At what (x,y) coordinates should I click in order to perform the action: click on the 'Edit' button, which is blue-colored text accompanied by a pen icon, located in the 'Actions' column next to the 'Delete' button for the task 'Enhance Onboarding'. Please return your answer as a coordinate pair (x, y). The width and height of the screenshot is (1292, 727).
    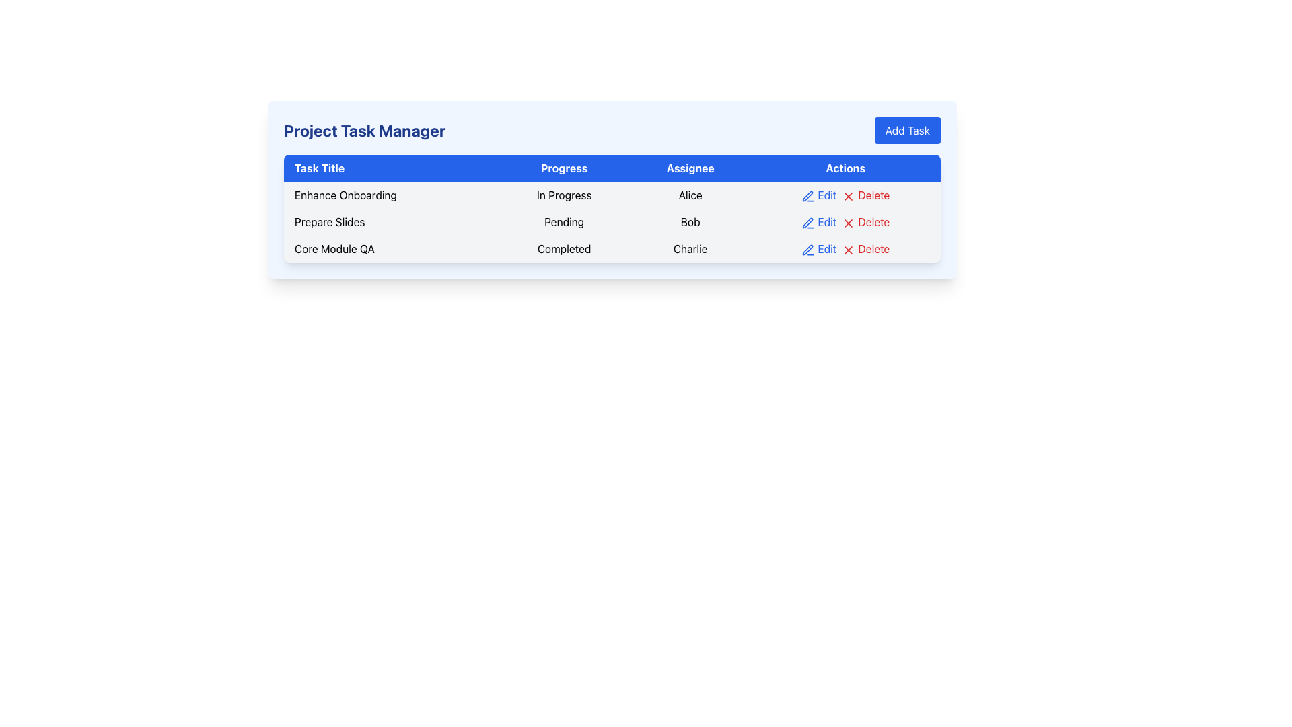
    Looking at the image, I should click on (818, 195).